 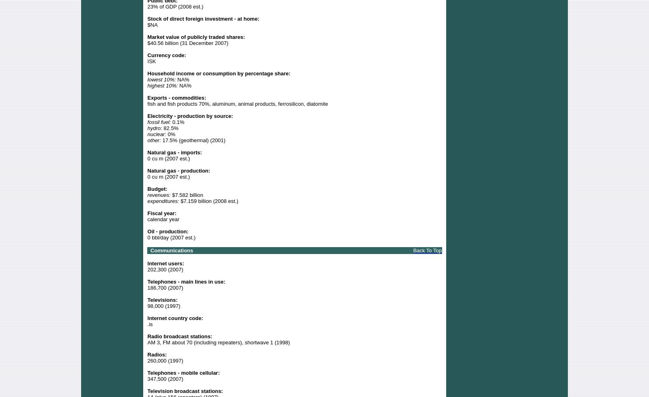 I want to click on 'expenditures:', so click(x=162, y=200).